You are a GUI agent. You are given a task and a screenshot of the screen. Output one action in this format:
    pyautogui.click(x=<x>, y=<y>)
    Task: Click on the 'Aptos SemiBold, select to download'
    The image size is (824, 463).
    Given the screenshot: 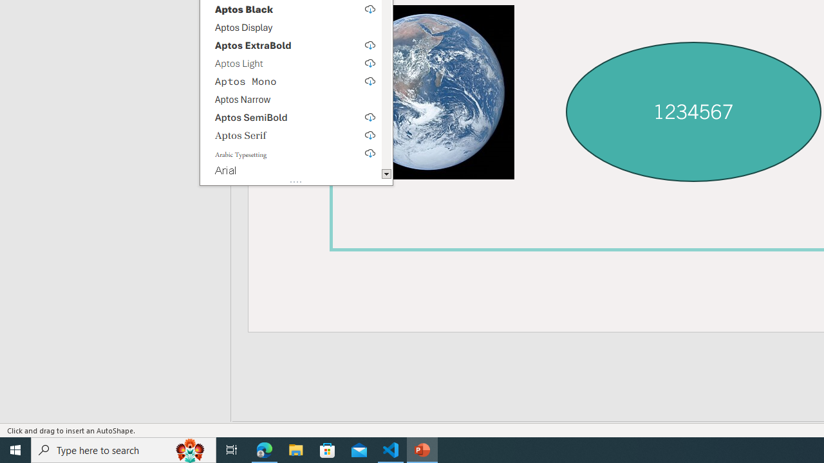 What is the action you would take?
    pyautogui.click(x=290, y=116)
    